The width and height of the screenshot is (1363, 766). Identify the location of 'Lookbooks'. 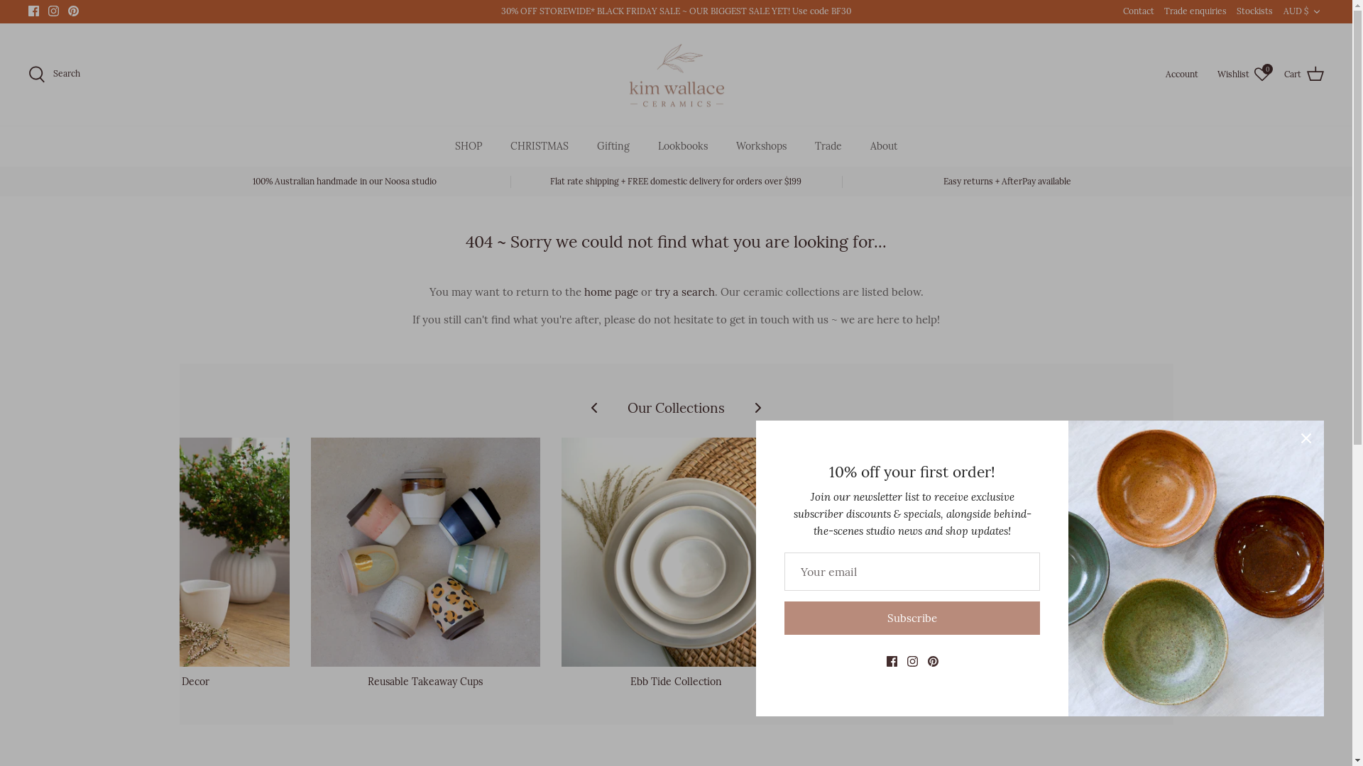
(682, 146).